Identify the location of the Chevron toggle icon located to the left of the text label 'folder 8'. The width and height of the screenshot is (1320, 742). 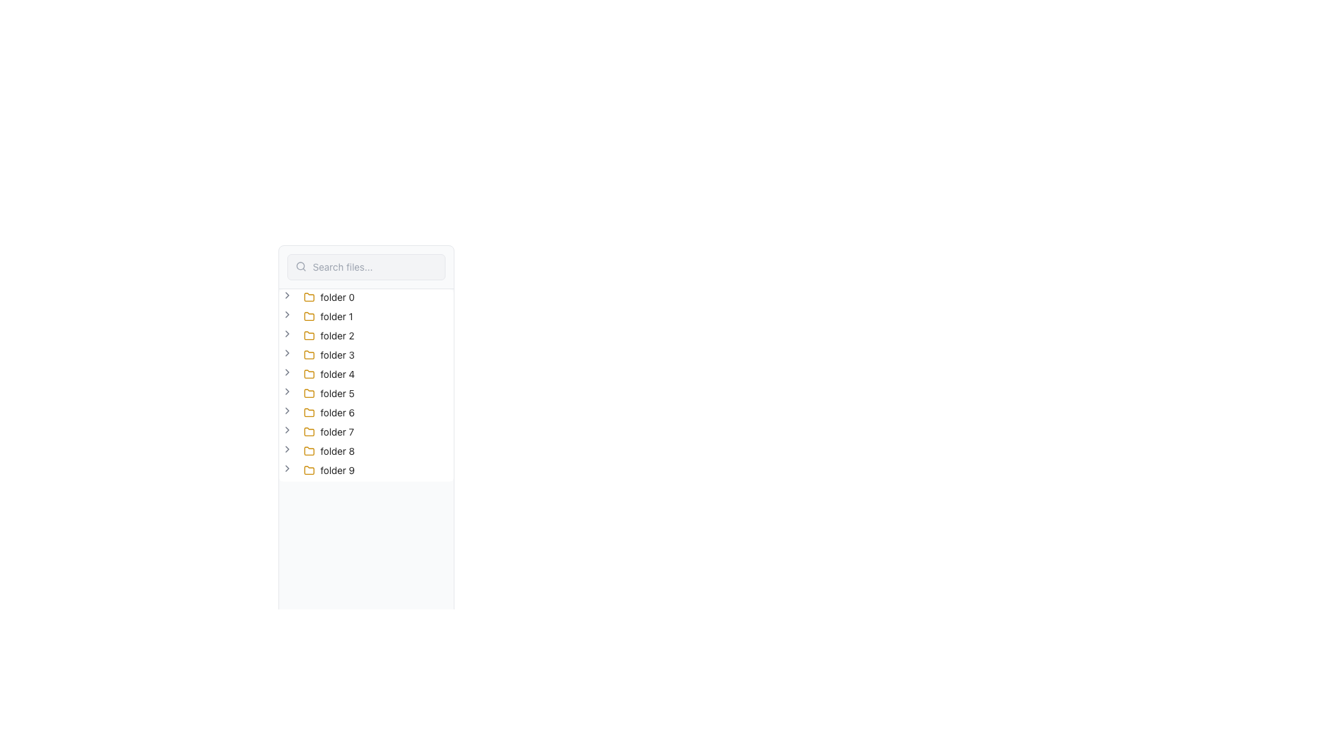
(286, 449).